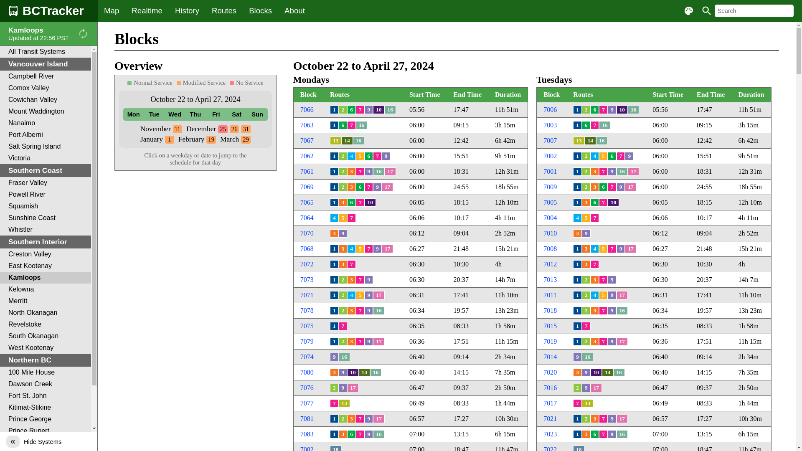 The image size is (802, 451). I want to click on '2', so click(586, 109).